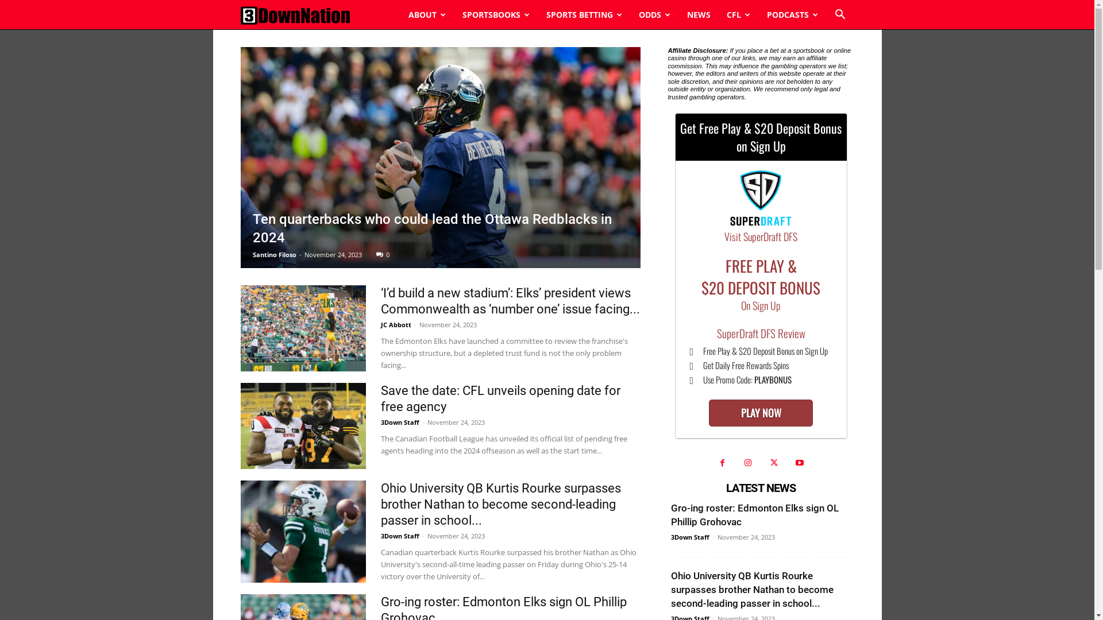 Image resolution: width=1103 pixels, height=620 pixels. Describe the element at coordinates (761, 200) in the screenshot. I see `'SuperDraft DFS'` at that location.